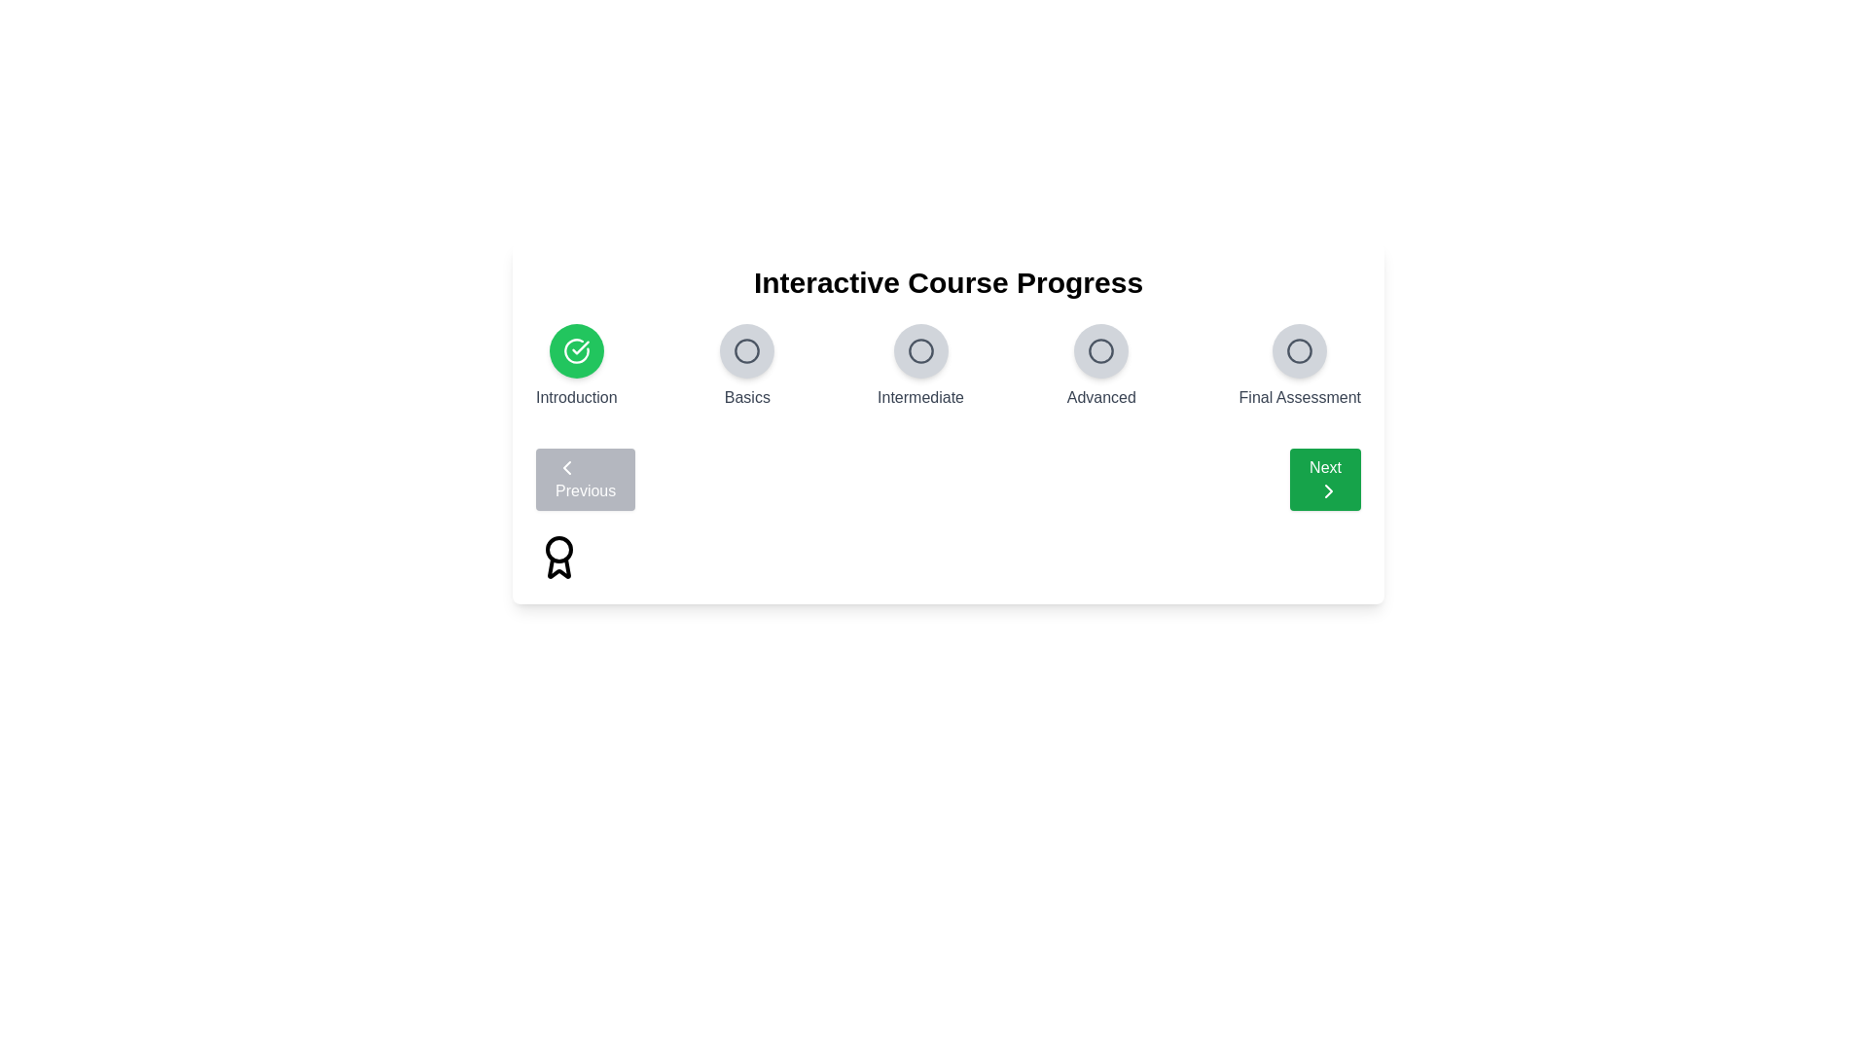 This screenshot has width=1868, height=1051. I want to click on text label that contains 'Advanced', which is displayed in medium font weight and gray color (#707070) below the circular icon, so click(1101, 396).